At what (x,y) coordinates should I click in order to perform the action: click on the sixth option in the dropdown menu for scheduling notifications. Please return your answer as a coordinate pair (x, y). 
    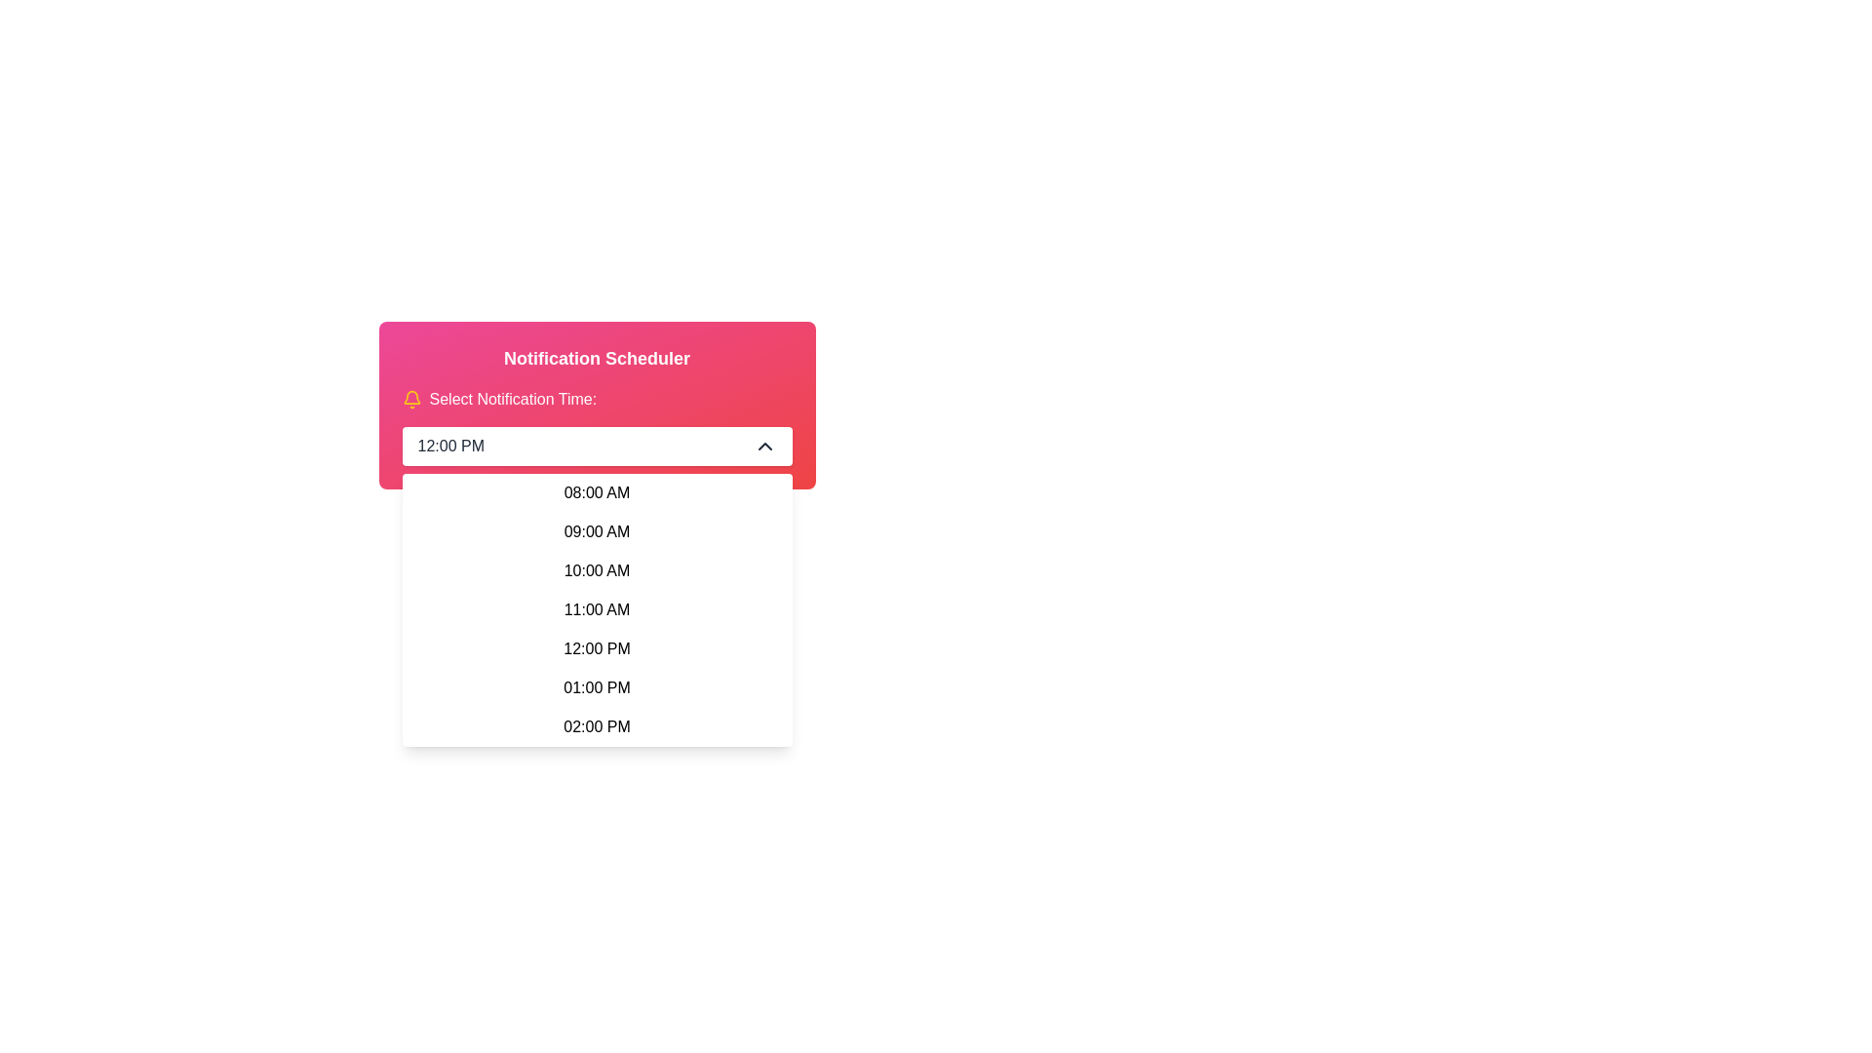
    Looking at the image, I should click on (596, 686).